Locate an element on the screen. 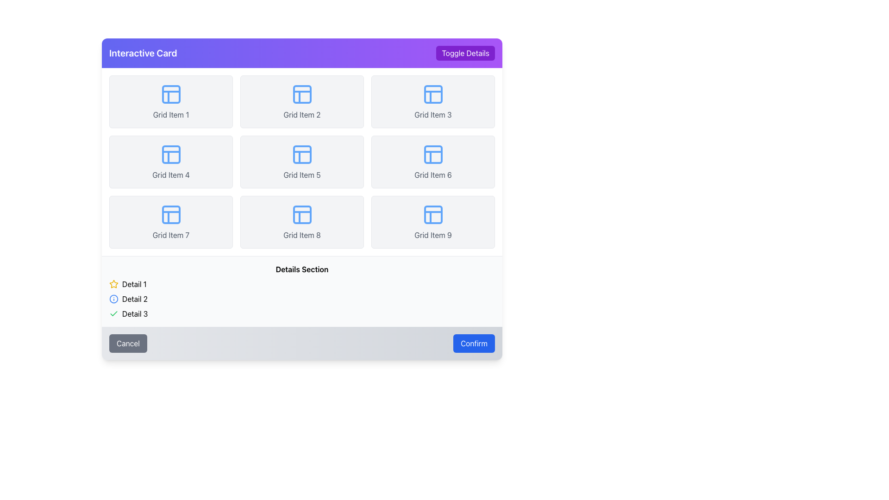 The image size is (889, 500). the interactive rectangular area of the 'Grid Item 2' icon, which is located in the second column of the top row of the grid layout is located at coordinates (302, 94).